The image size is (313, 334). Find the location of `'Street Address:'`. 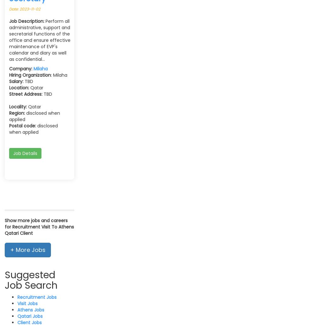

'Street Address:' is located at coordinates (26, 93).